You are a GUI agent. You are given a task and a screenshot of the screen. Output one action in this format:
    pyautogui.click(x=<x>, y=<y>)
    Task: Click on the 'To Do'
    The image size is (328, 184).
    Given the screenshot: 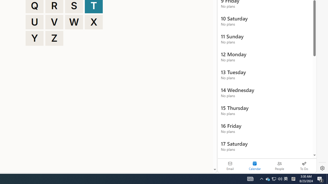 What is the action you would take?
    pyautogui.click(x=304, y=166)
    